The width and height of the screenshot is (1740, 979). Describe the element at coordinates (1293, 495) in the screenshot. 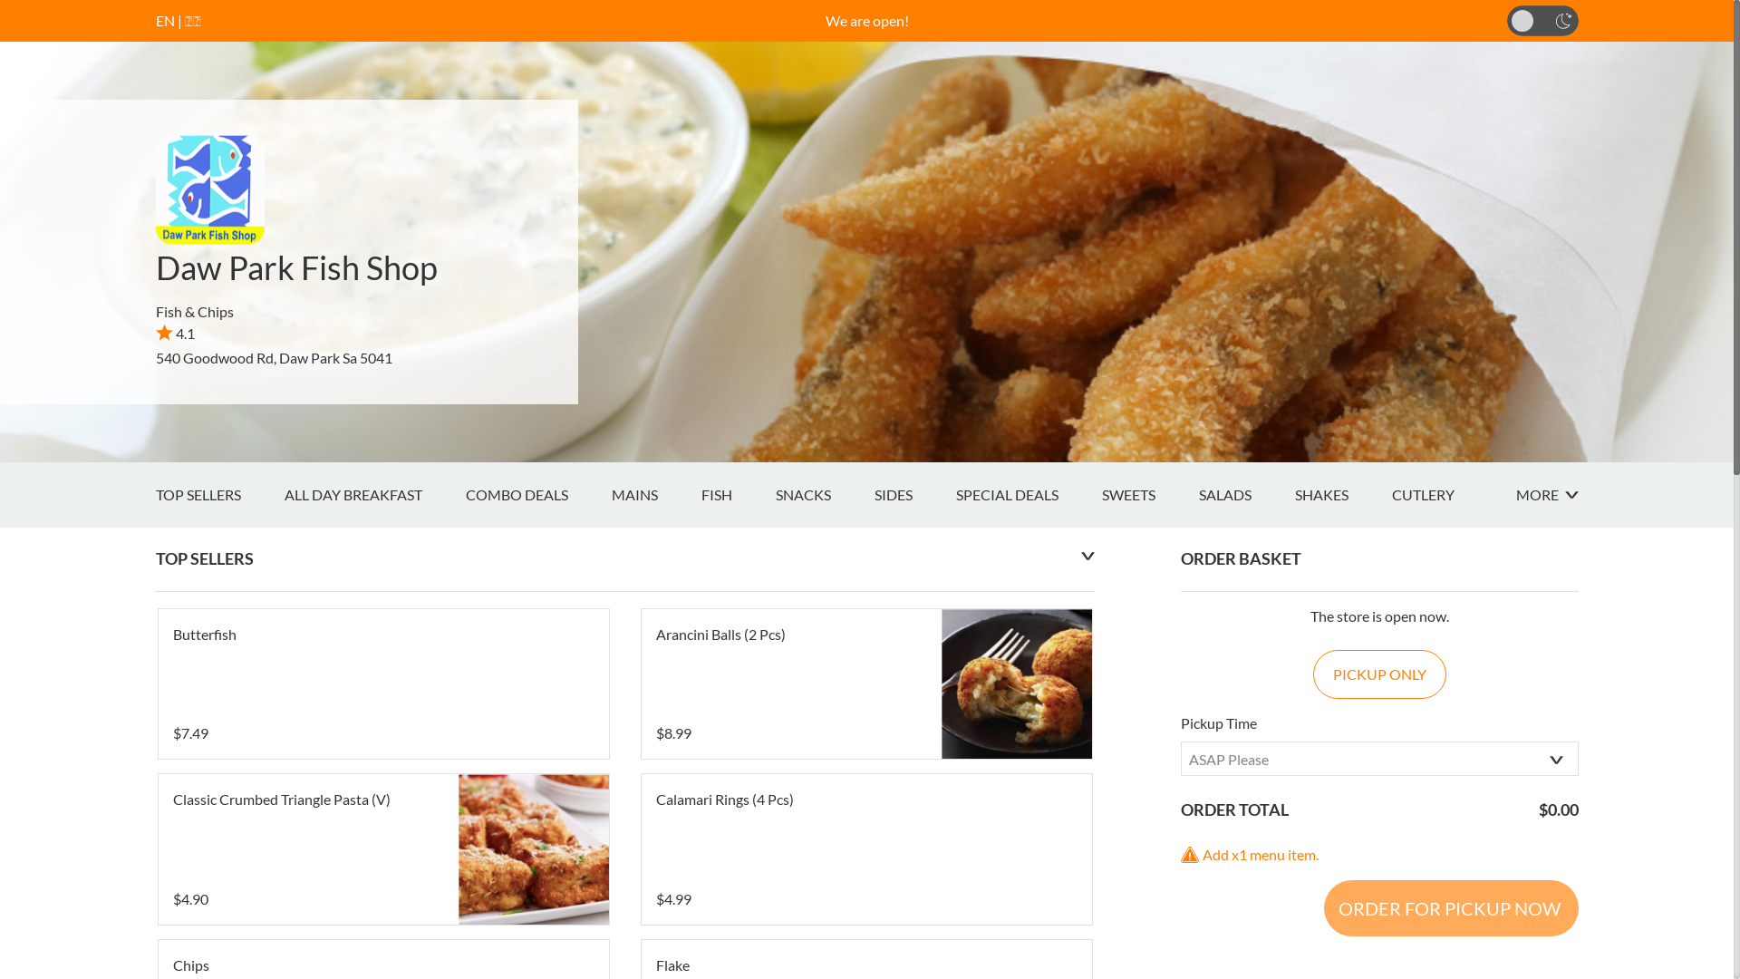

I see `'SHAKES'` at that location.